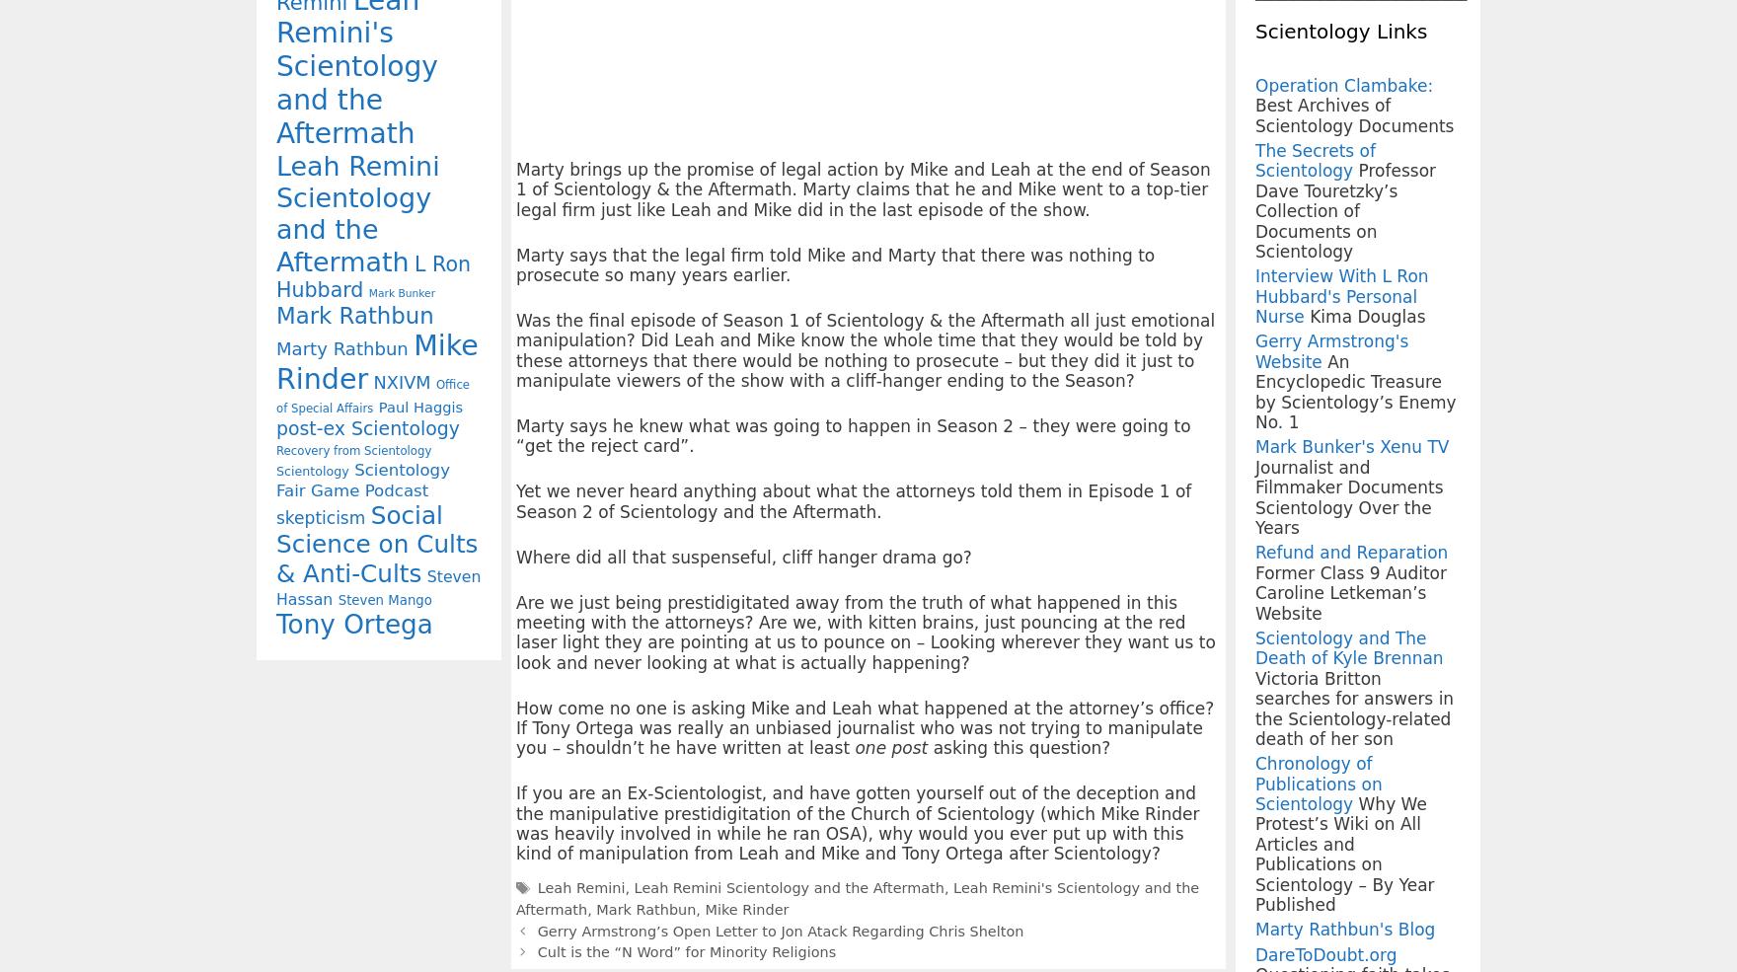 Image resolution: width=1737 pixels, height=972 pixels. I want to click on 'An Encyclopedic Treasure by Scientology’s Enemy No. 1', so click(1253, 390).